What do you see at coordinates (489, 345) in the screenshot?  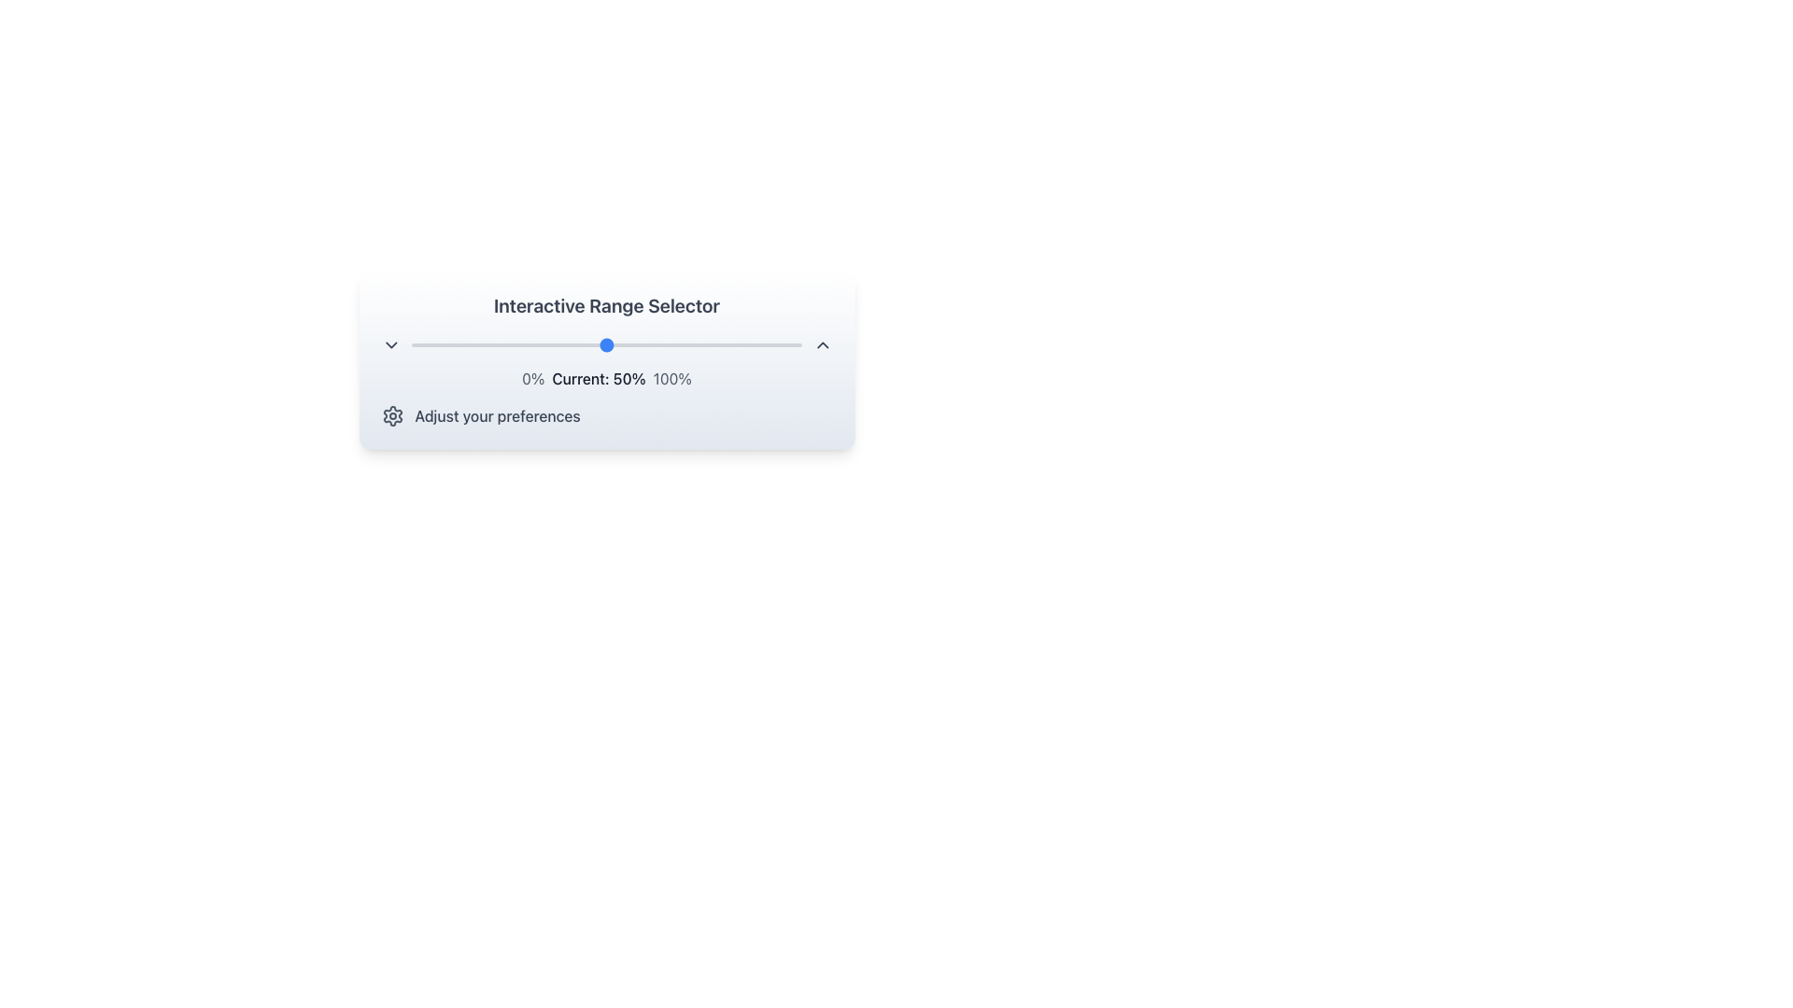 I see `the slider value` at bounding box center [489, 345].